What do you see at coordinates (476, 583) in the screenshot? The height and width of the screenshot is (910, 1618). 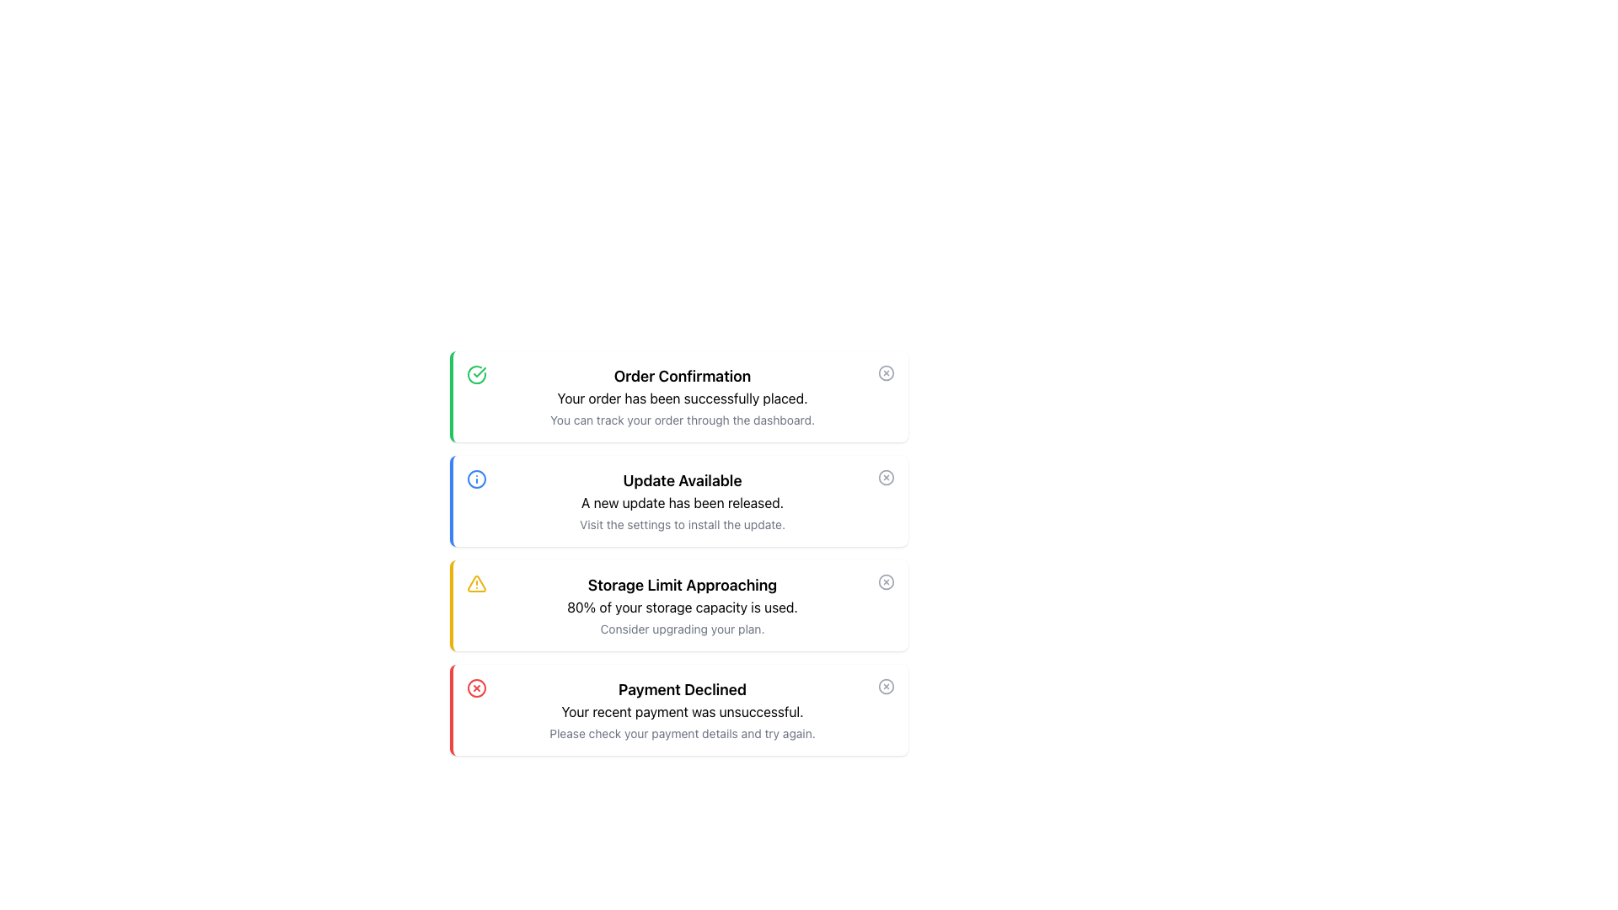 I see `the visual warning indicator icon located on the left side of the 'Storage Limit Approaching' message box, which is the third notification box in the vertical stack` at bounding box center [476, 583].